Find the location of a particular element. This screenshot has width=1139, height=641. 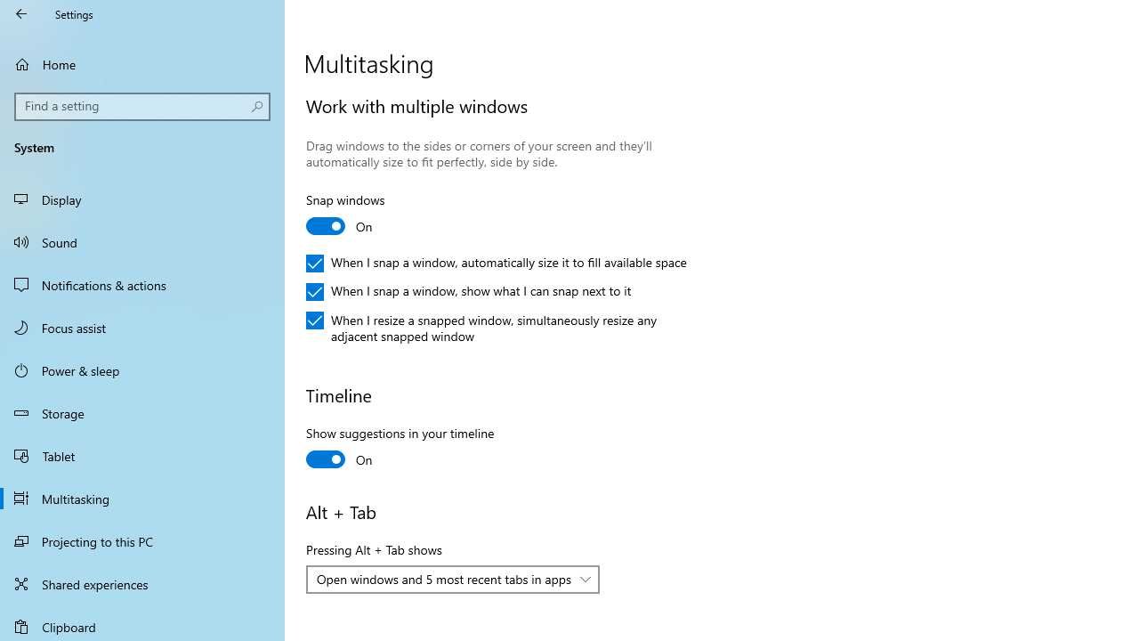

'Pressing Alt + Tab shows' is located at coordinates (453, 579).